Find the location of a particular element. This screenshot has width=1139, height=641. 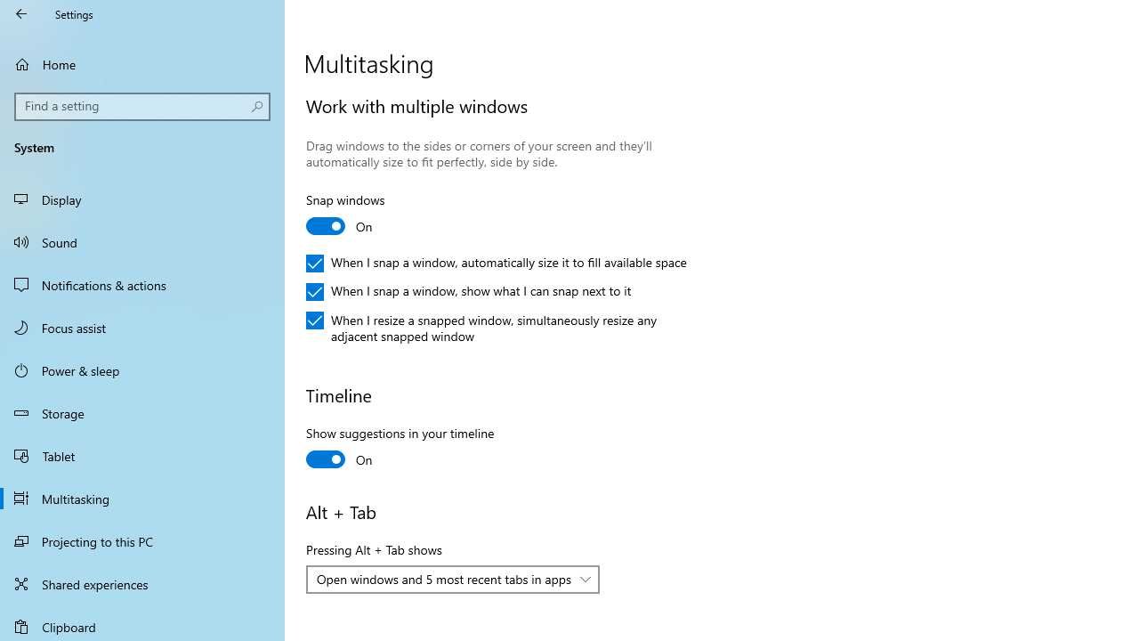

'Pressing Alt + Tab shows' is located at coordinates (453, 579).